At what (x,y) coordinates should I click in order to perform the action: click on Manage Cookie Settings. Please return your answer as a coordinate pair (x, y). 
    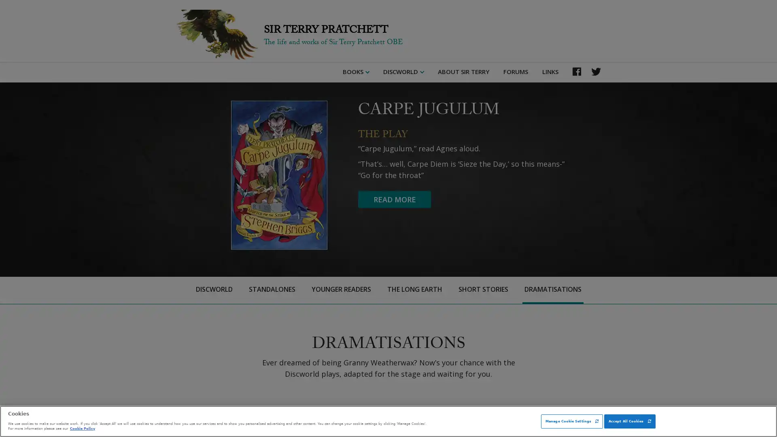
    Looking at the image, I should click on (571, 421).